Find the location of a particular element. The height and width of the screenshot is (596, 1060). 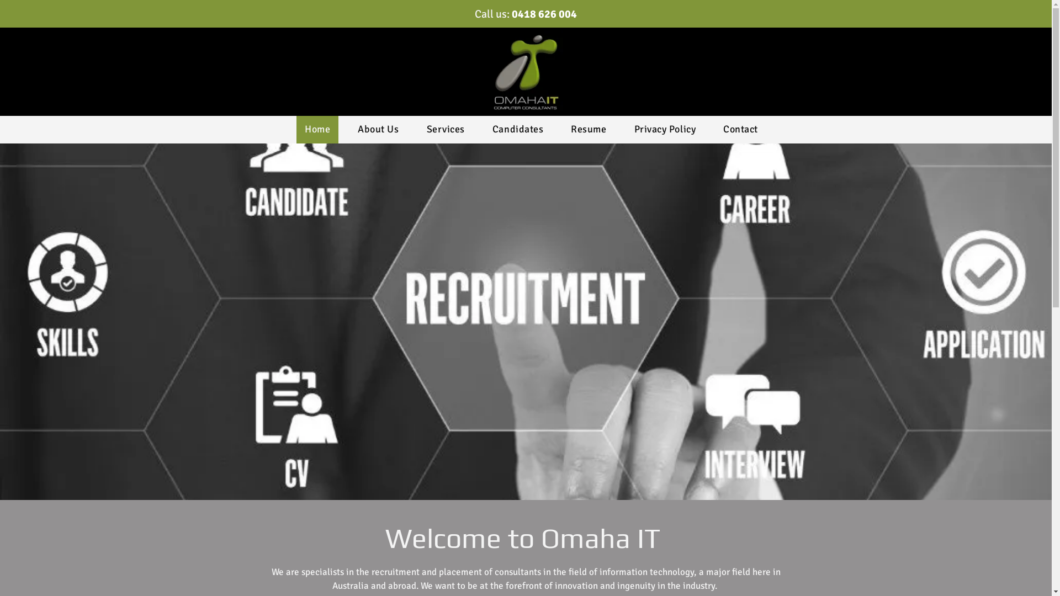

'Contact' is located at coordinates (740, 129).